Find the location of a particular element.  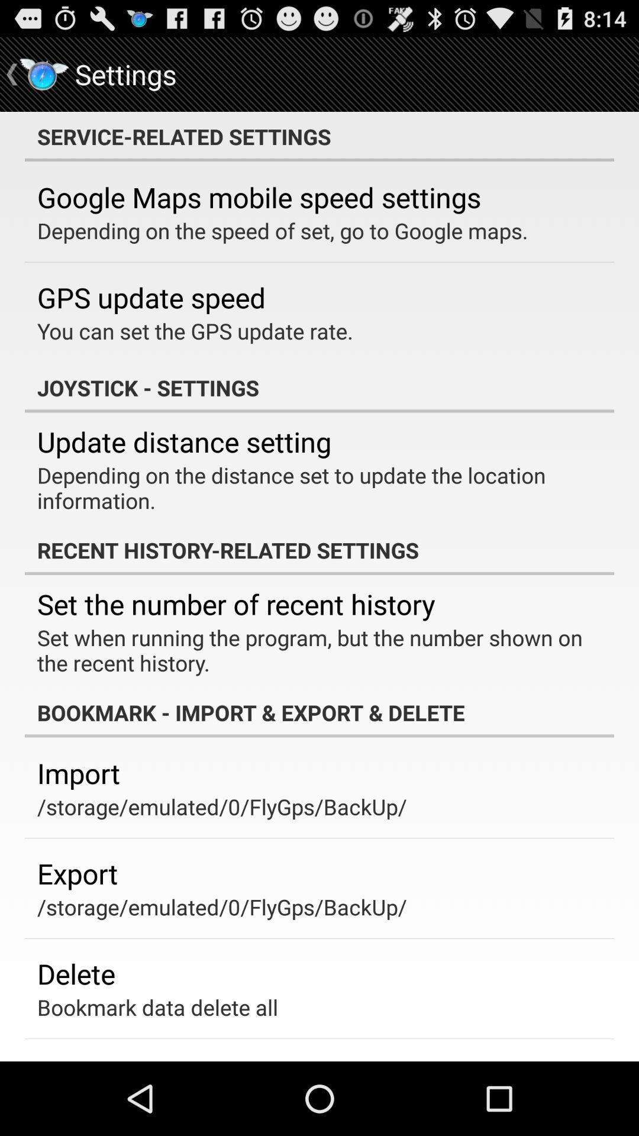

the set when running is located at coordinates (311, 650).